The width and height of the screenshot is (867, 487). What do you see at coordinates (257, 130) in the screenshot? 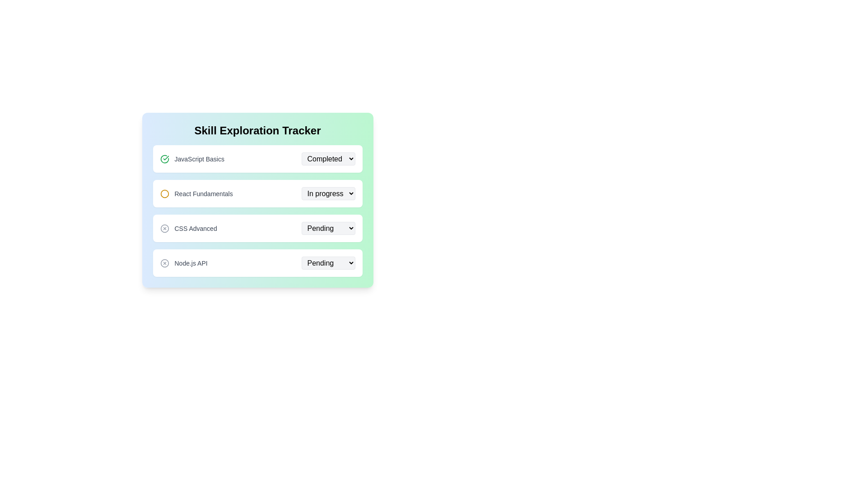
I see `the Header text displaying 'Skill Exploration Tracker', which is a large, bold, centered text with a gradient style in a colorful card interface` at bounding box center [257, 130].